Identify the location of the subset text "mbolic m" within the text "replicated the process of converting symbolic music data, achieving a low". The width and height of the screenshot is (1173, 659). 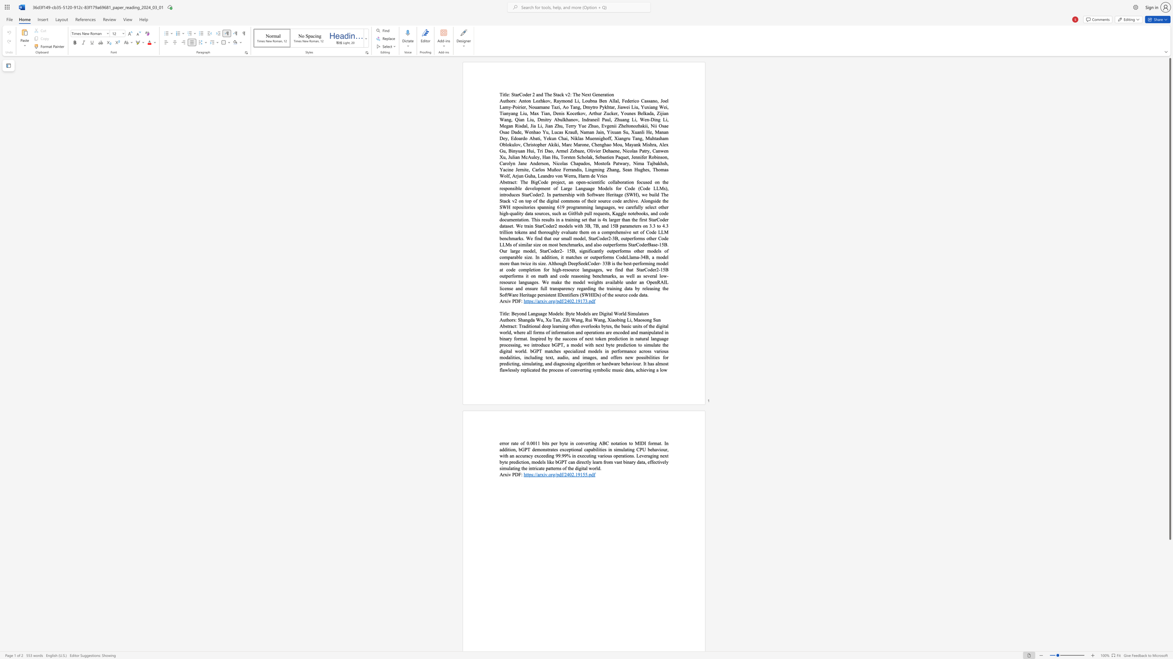
(597, 370).